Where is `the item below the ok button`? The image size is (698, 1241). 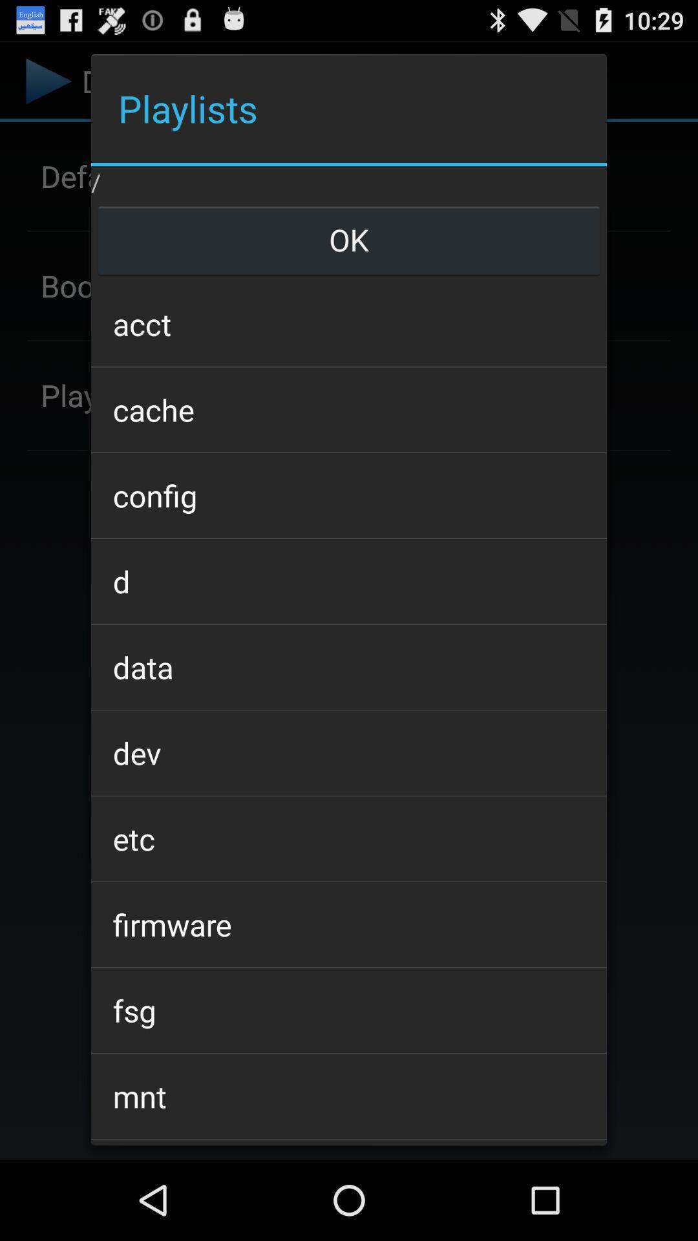 the item below the ok button is located at coordinates (349, 324).